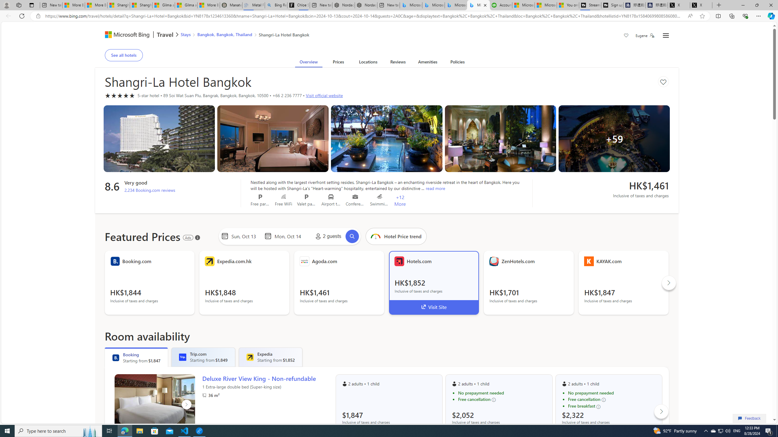 Image resolution: width=778 pixels, height=437 pixels. I want to click on '2 guests', so click(327, 236).